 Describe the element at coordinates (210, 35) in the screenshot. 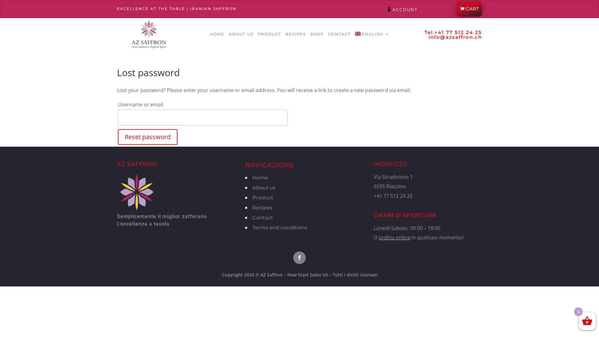

I see `'HOME'` at that location.